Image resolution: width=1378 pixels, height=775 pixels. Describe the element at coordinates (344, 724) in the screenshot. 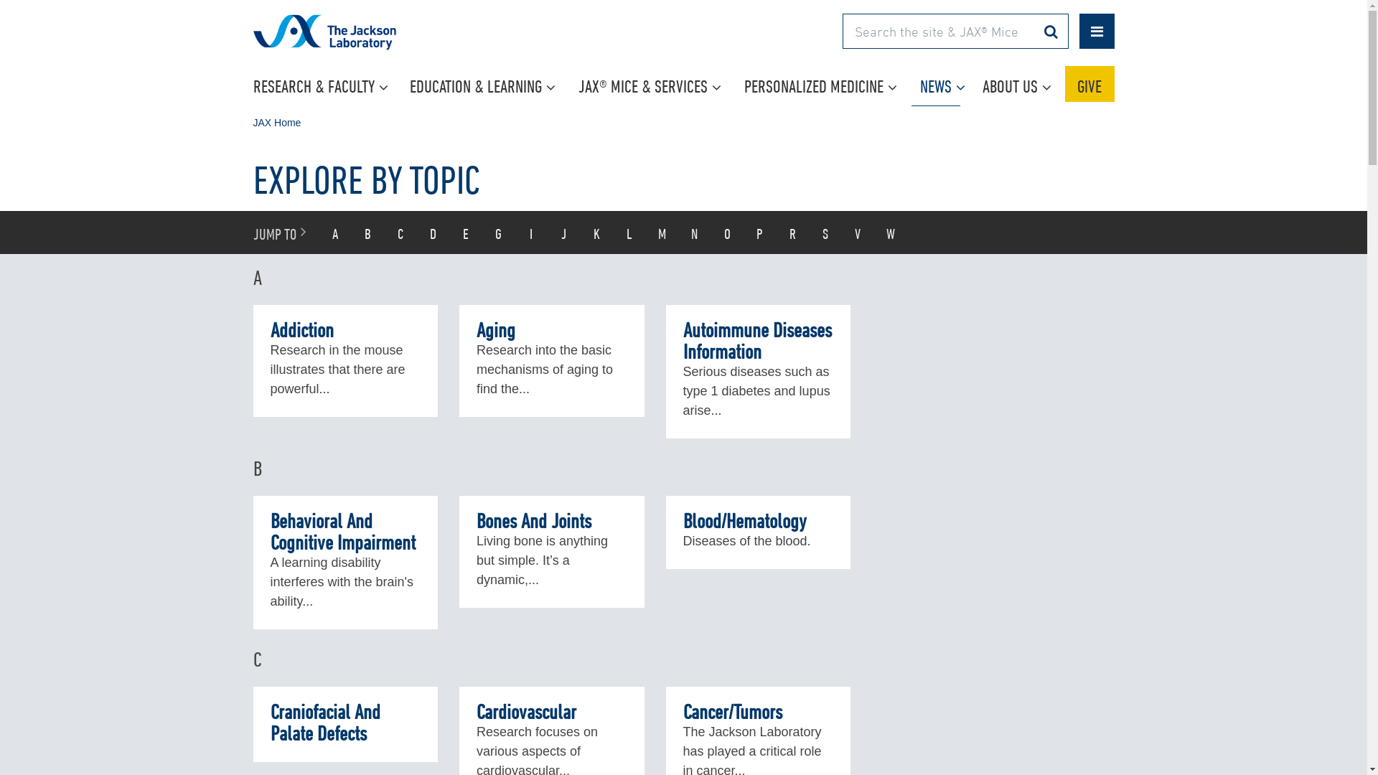

I see `'Craniofacial And Palate Defects'` at that location.